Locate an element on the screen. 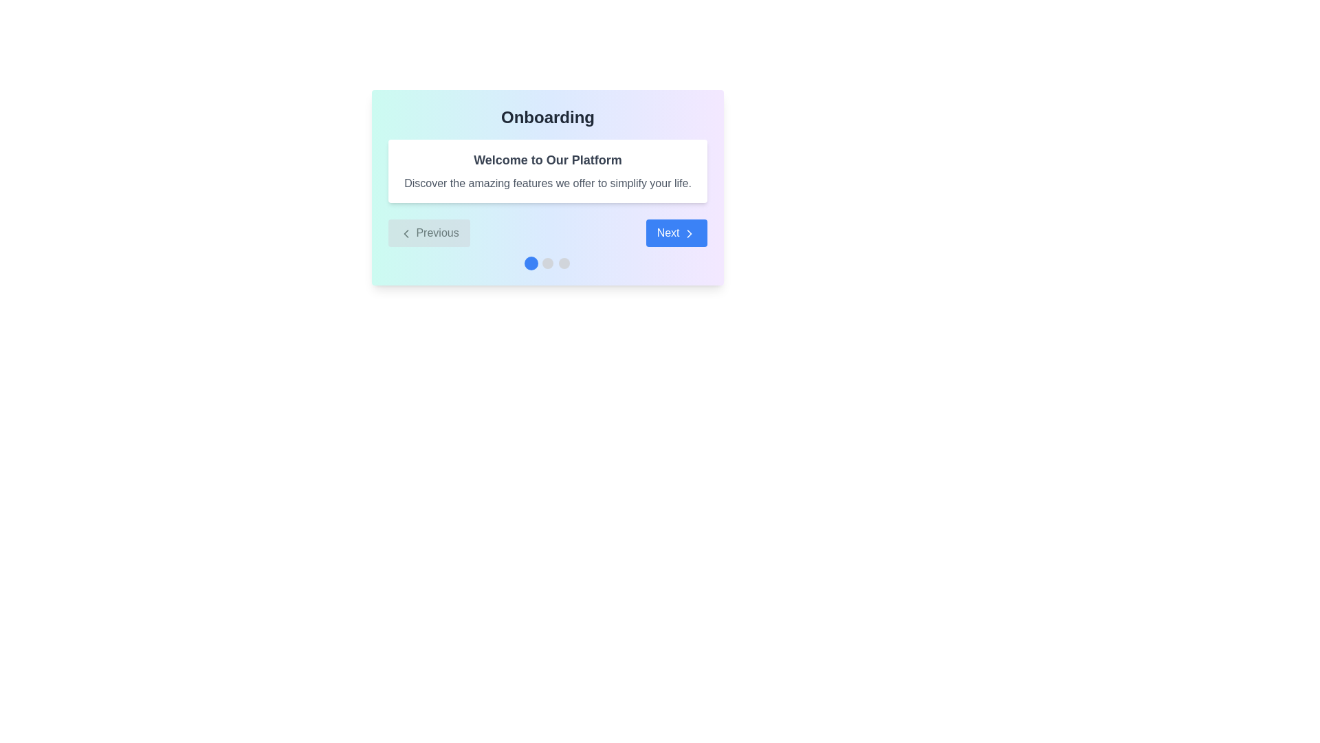  the third circular pagination indicator, which is gray in color, located directly under the 'Welcome to Our Platform' section is located at coordinates (564, 263).